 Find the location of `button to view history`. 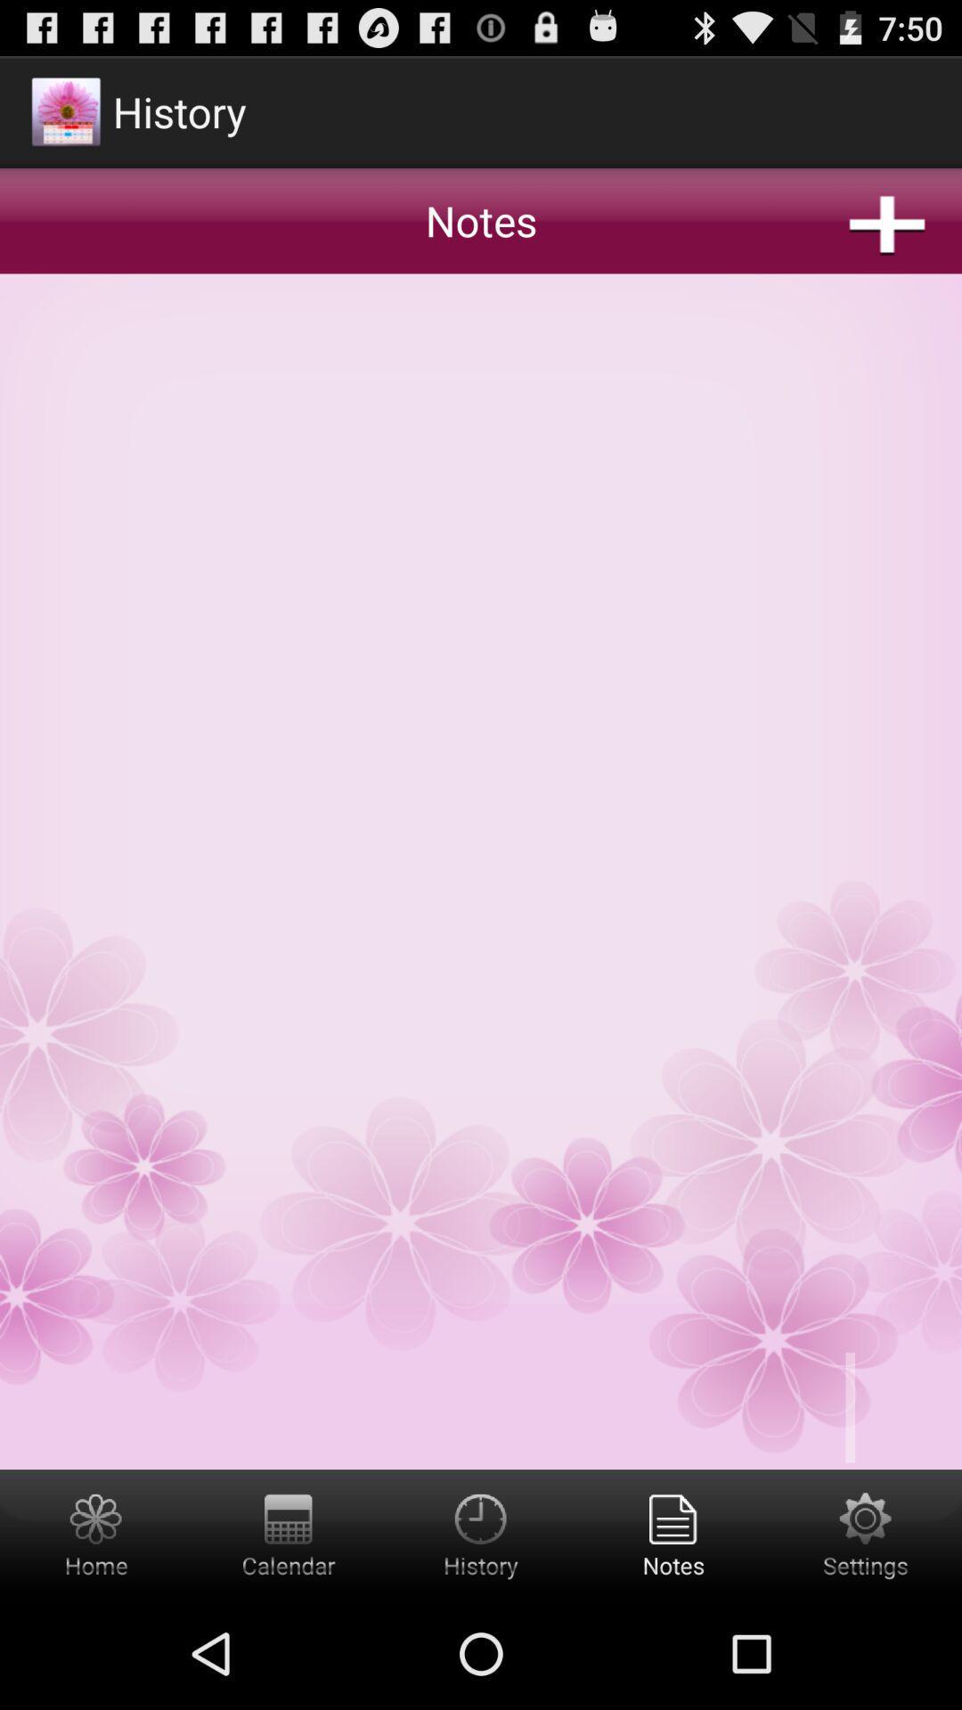

button to view history is located at coordinates (481, 1533).